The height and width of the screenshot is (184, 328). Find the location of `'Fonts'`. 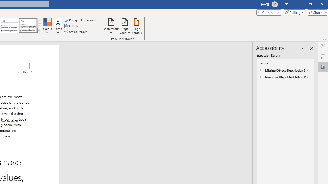

'Fonts' is located at coordinates (58, 26).